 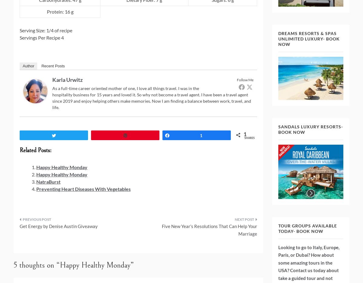 I want to click on 'Protein:', so click(x=55, y=11).